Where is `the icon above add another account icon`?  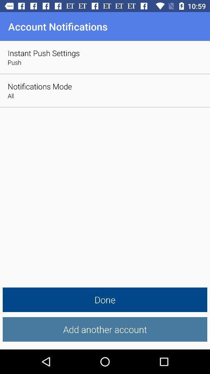
the icon above add another account icon is located at coordinates (105, 299).